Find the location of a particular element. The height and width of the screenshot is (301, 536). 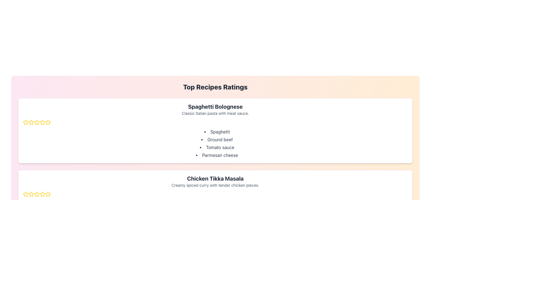

the first star-shaped icon filled with yellow, located in the top-left section of the 'Spaghetti Bolognese' recipe card is located at coordinates (31, 122).